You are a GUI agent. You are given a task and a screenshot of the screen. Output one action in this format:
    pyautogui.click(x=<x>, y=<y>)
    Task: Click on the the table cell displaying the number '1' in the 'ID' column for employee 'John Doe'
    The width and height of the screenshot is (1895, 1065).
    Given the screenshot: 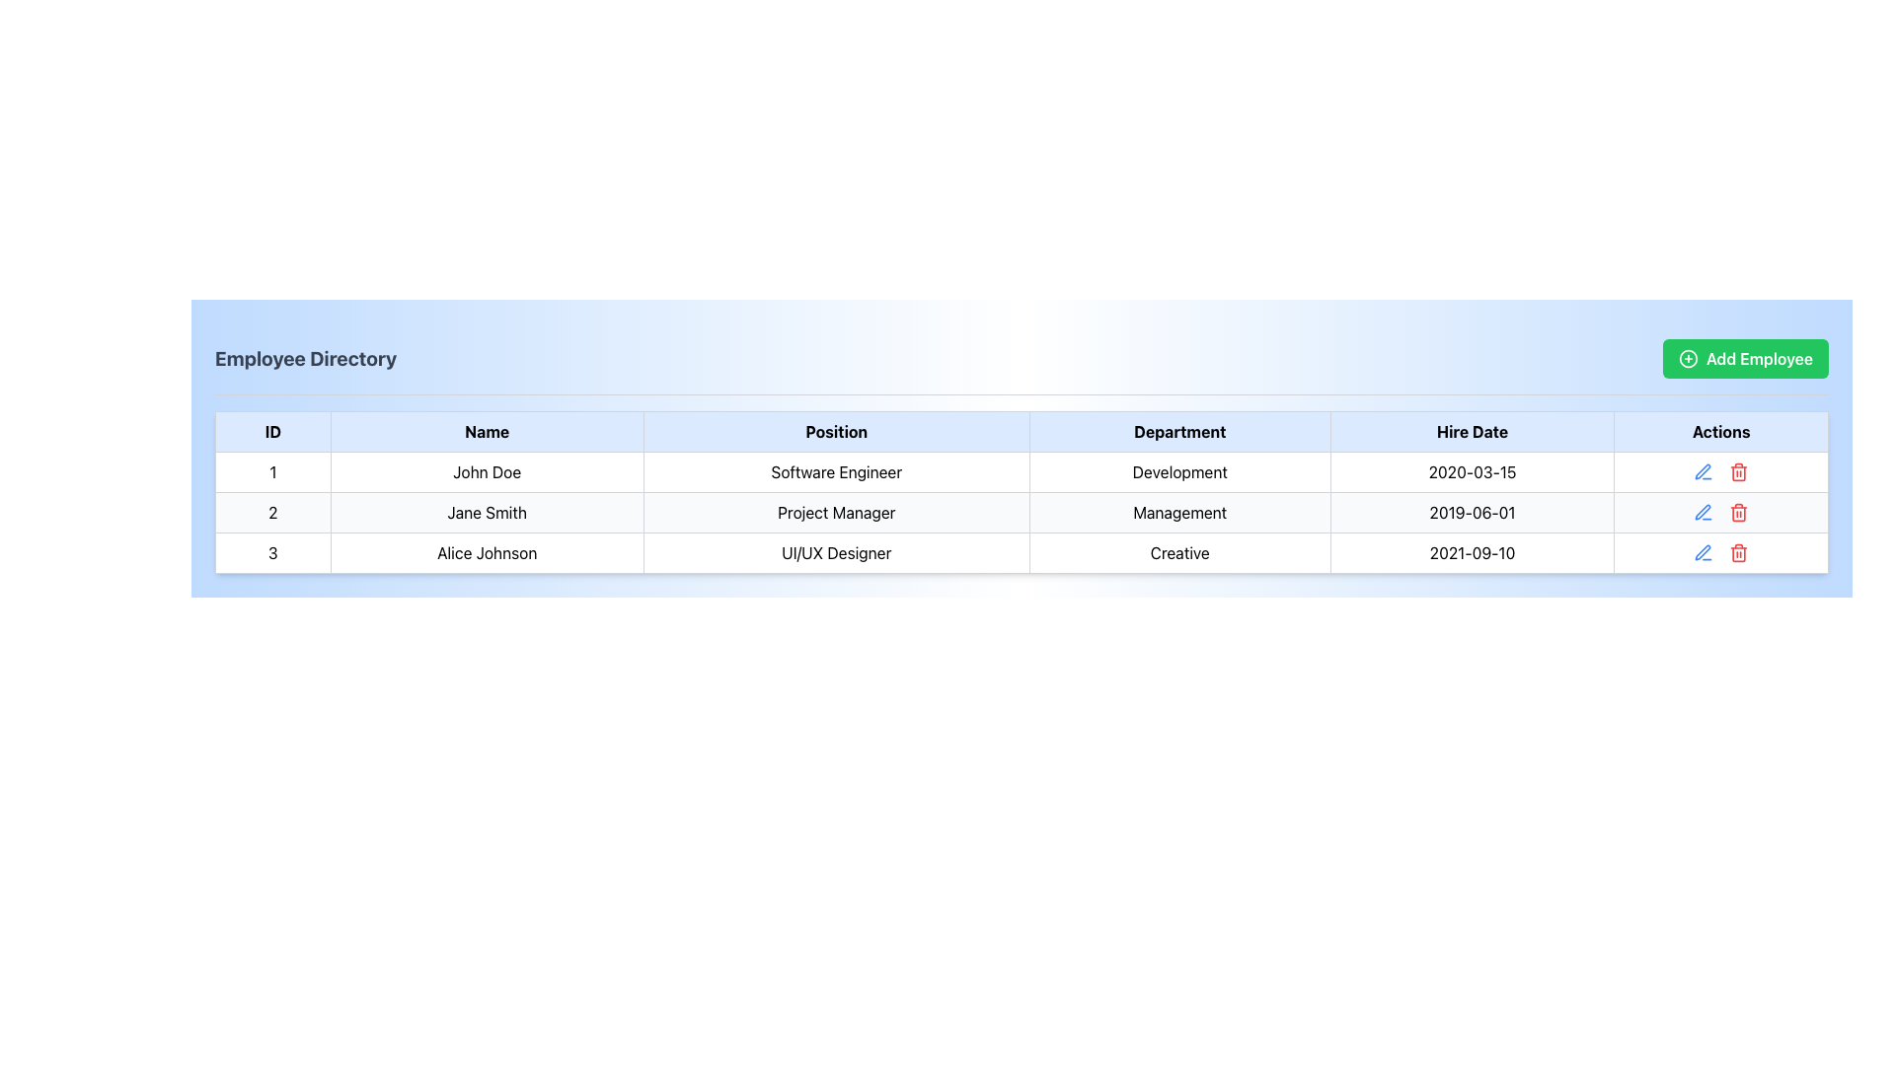 What is the action you would take?
    pyautogui.click(x=271, y=471)
    